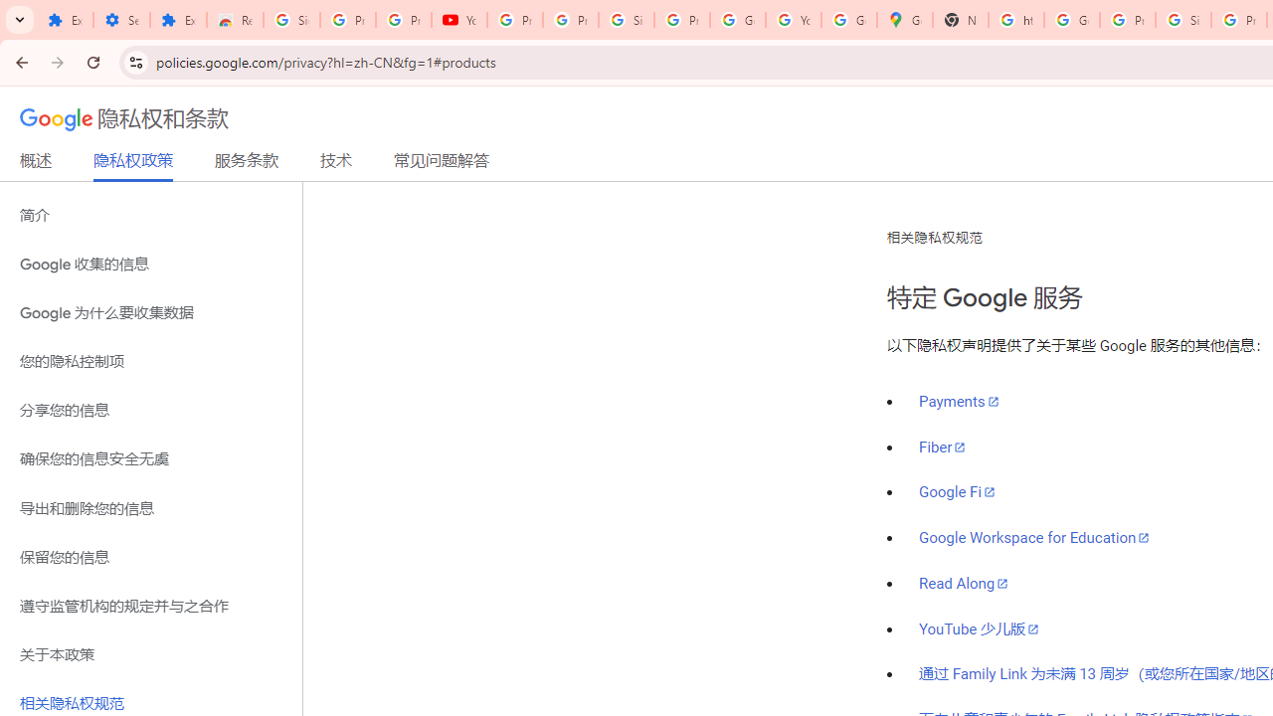  I want to click on 'Fiber', so click(941, 446).